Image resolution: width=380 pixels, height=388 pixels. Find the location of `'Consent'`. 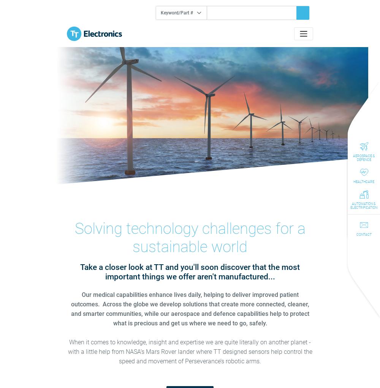

'Consent' is located at coordinates (75, 144).